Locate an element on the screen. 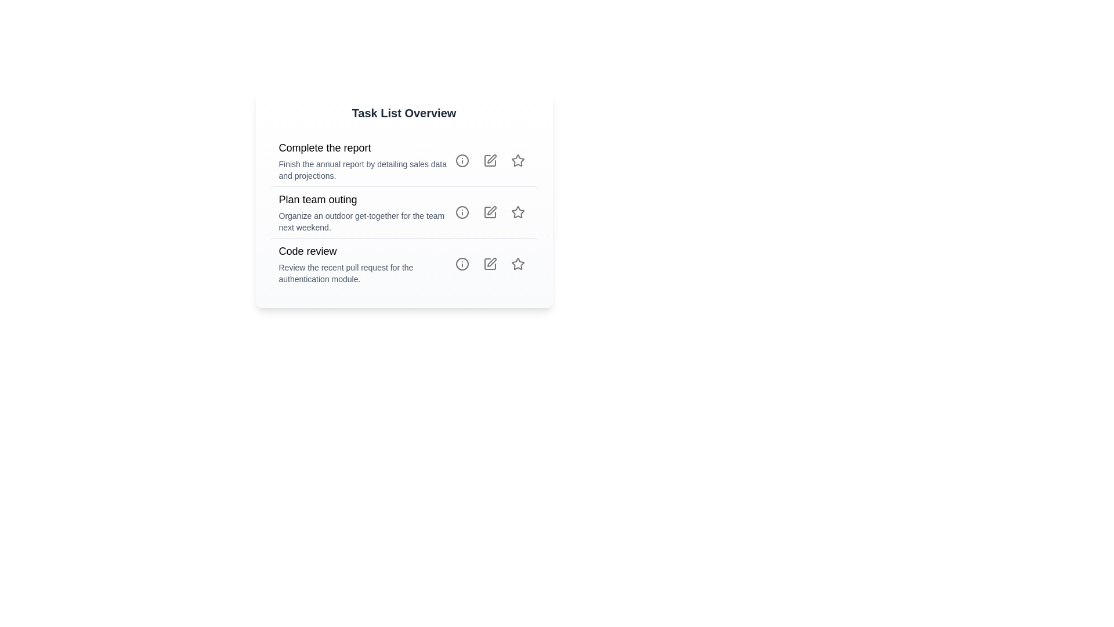 The width and height of the screenshot is (1114, 627). the edit button for the 'Code review' task, which is the third button in a horizontal group, located between the info icon button and the star icon button, to initiate editing is located at coordinates (490, 264).